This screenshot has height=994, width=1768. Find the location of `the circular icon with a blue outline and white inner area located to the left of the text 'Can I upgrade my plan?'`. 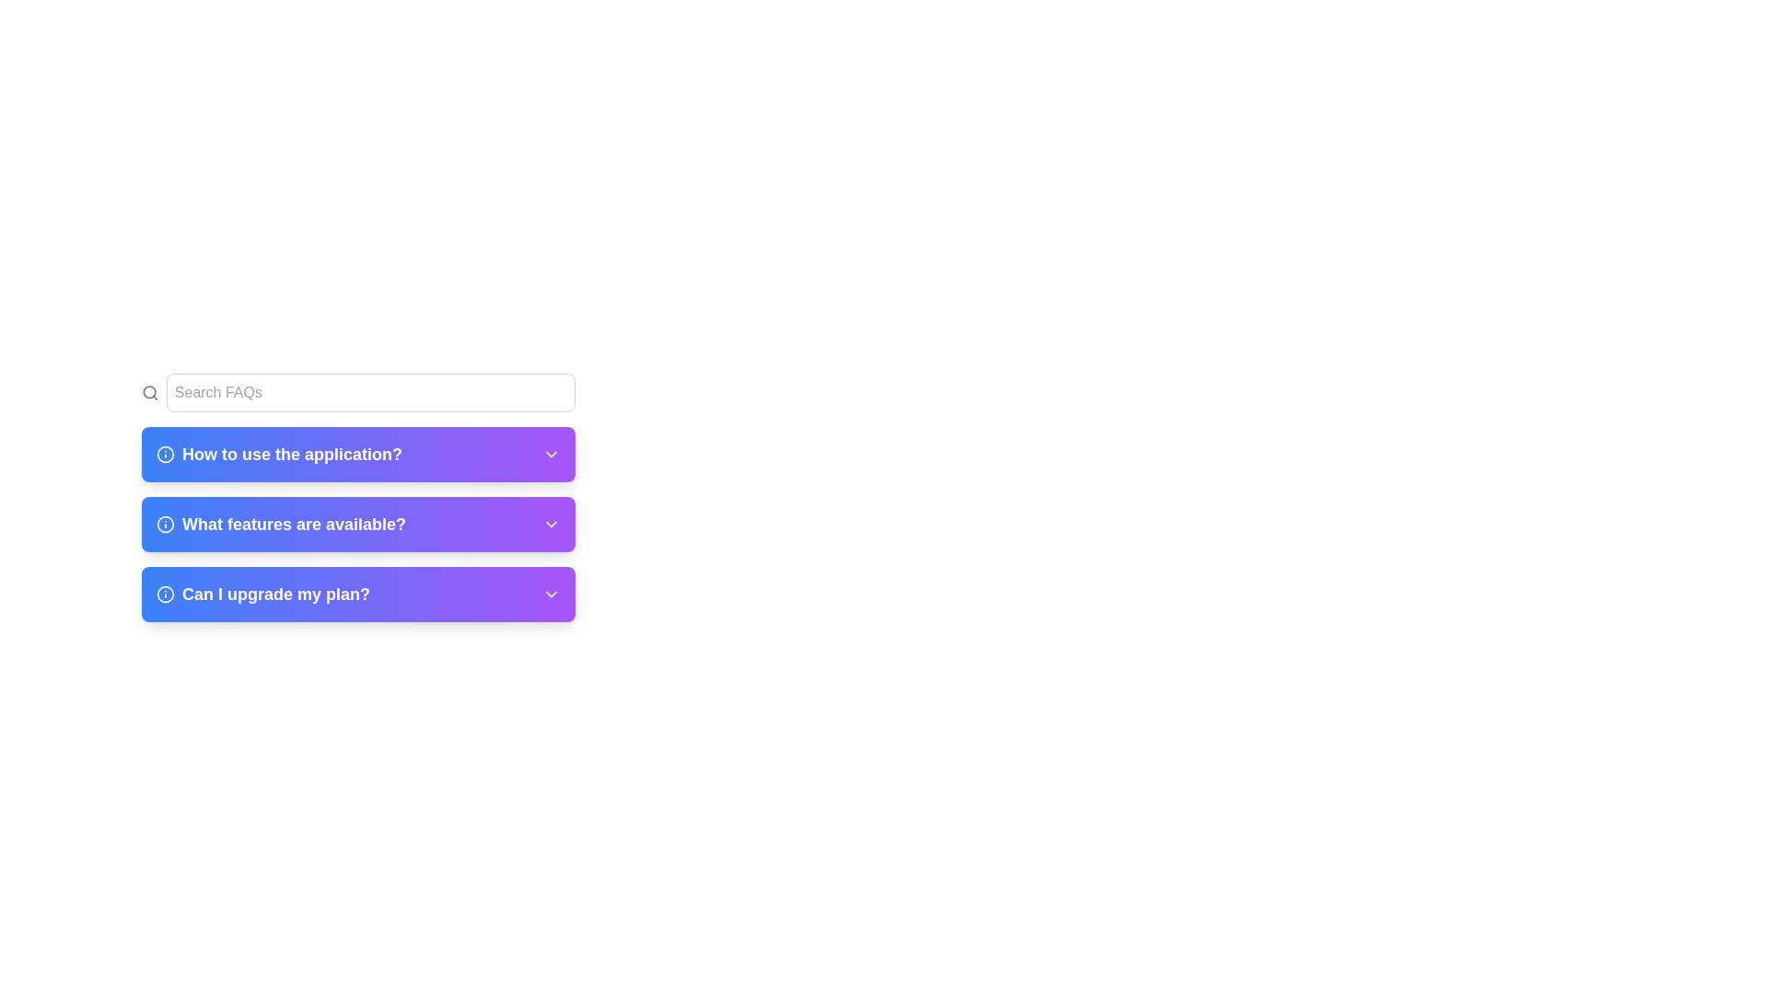

the circular icon with a blue outline and white inner area located to the left of the text 'Can I upgrade my plan?' is located at coordinates (166, 594).